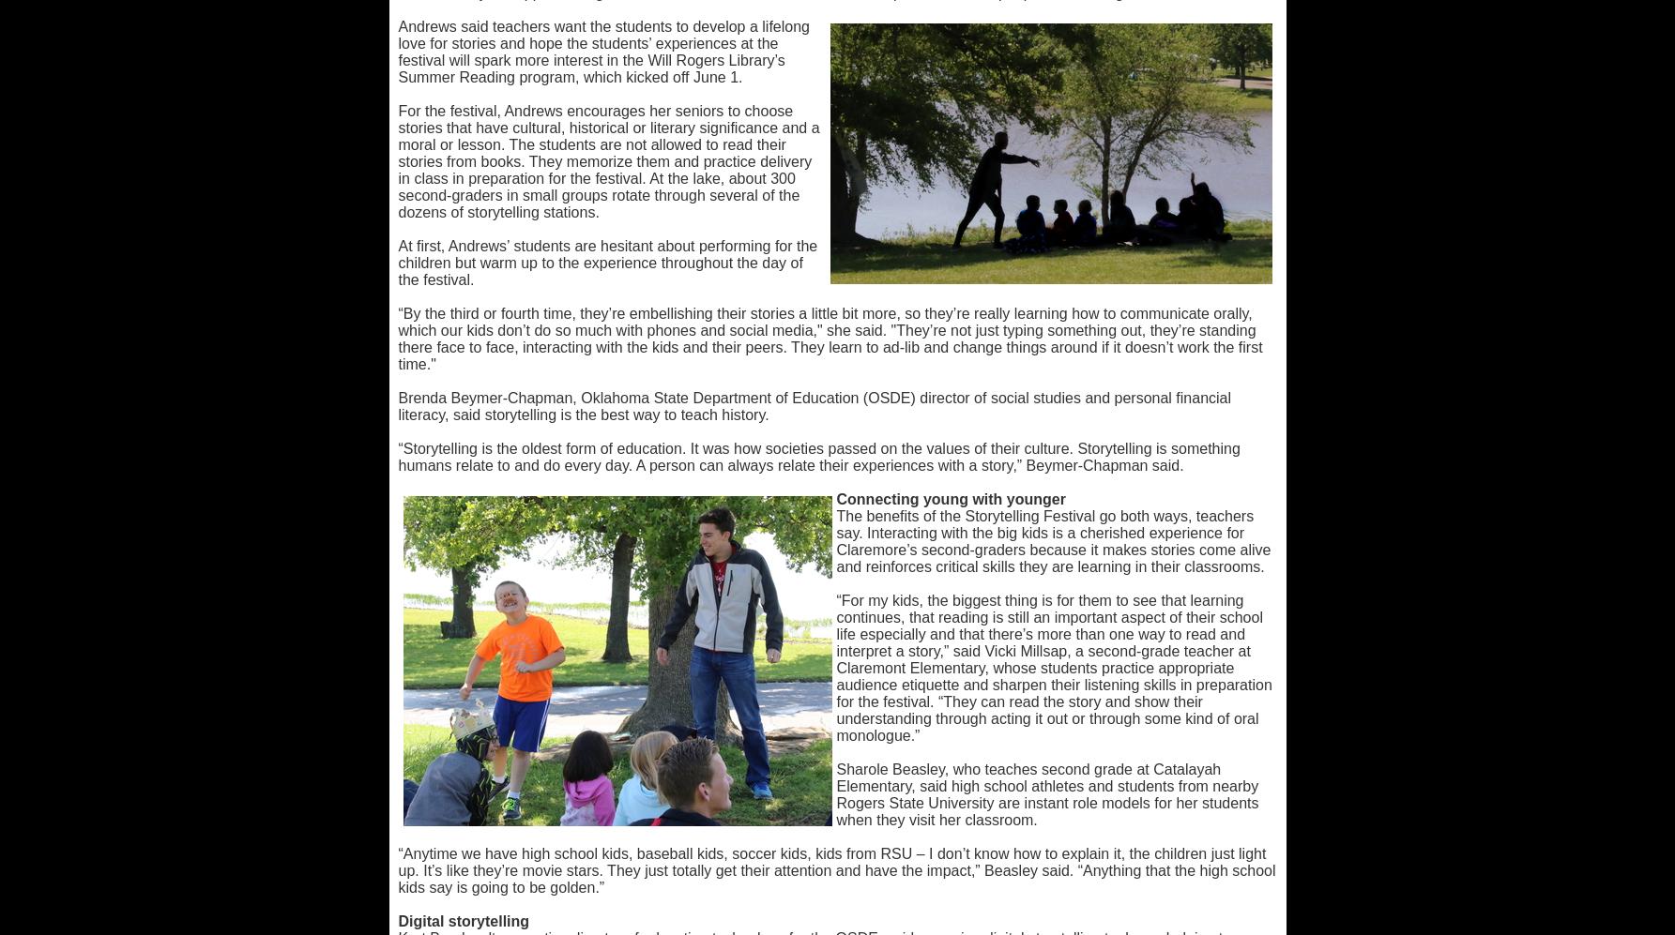 The image size is (1675, 935). I want to click on 'Andrews said teachers want the students to develop a lifelong love for stories and hope the students’ experiences at the festival will spark more interest in the Will Rogers Library’s Summer Reading program, which kicked off June 1.', so click(602, 51).